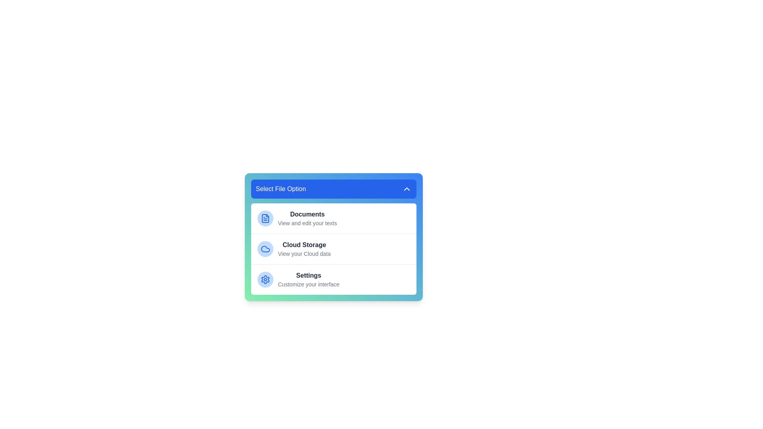 The height and width of the screenshot is (429, 763). I want to click on the 'Settings' text element, which is the third option in a vertical list within a dropdown-like component, featuring bold dark gray text and a smaller light gray description, so click(308, 279).